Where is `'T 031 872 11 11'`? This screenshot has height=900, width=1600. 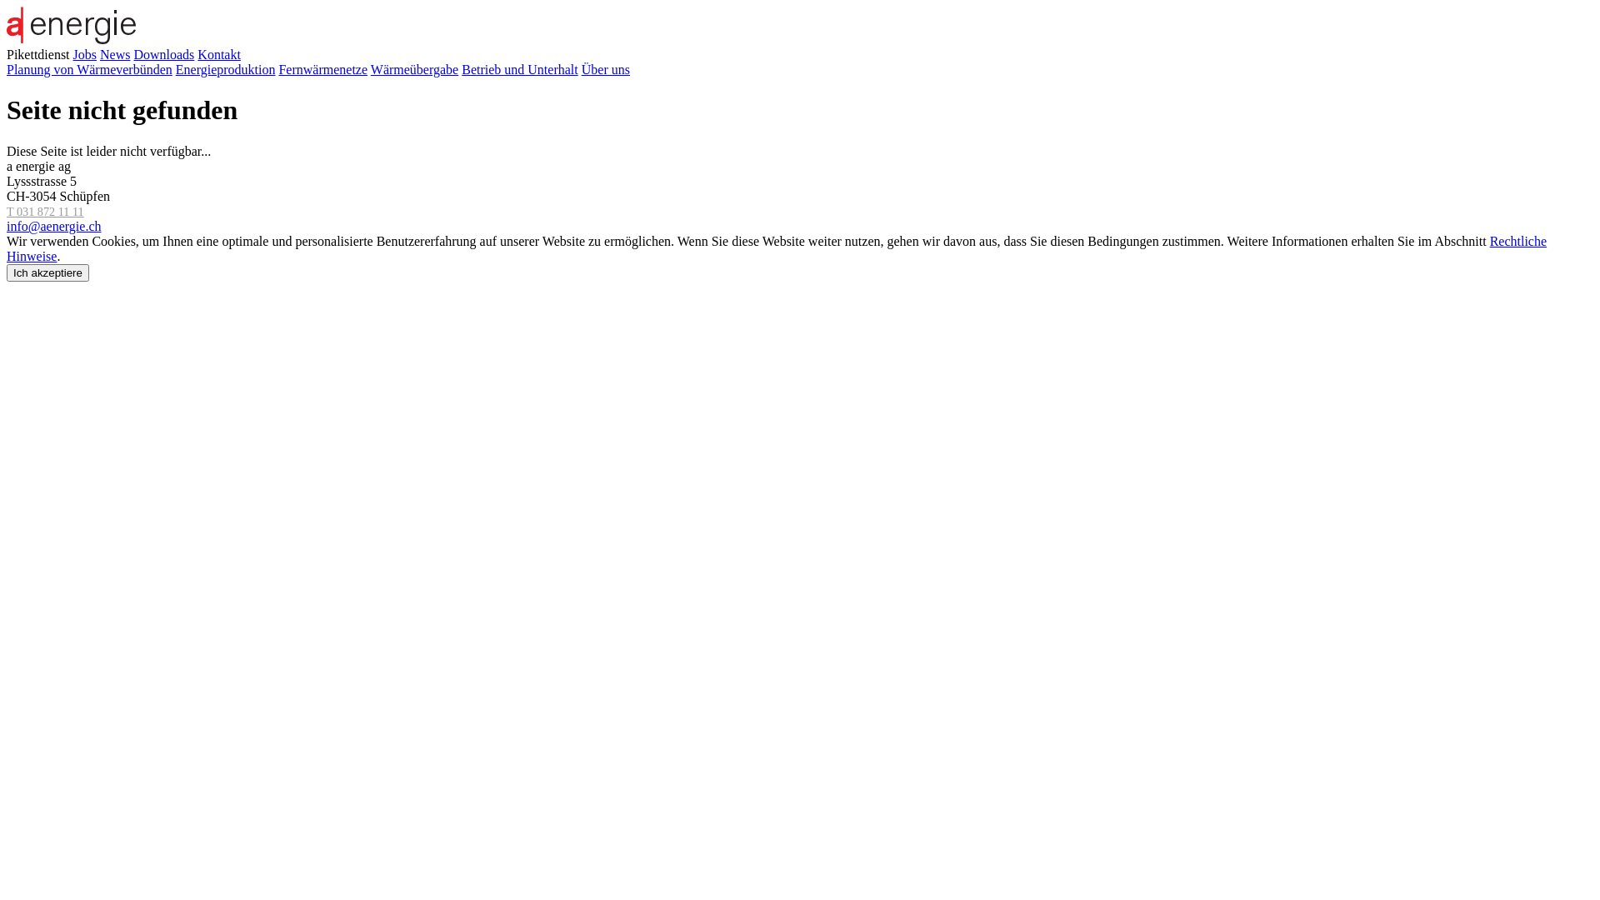 'T 031 872 11 11' is located at coordinates (45, 211).